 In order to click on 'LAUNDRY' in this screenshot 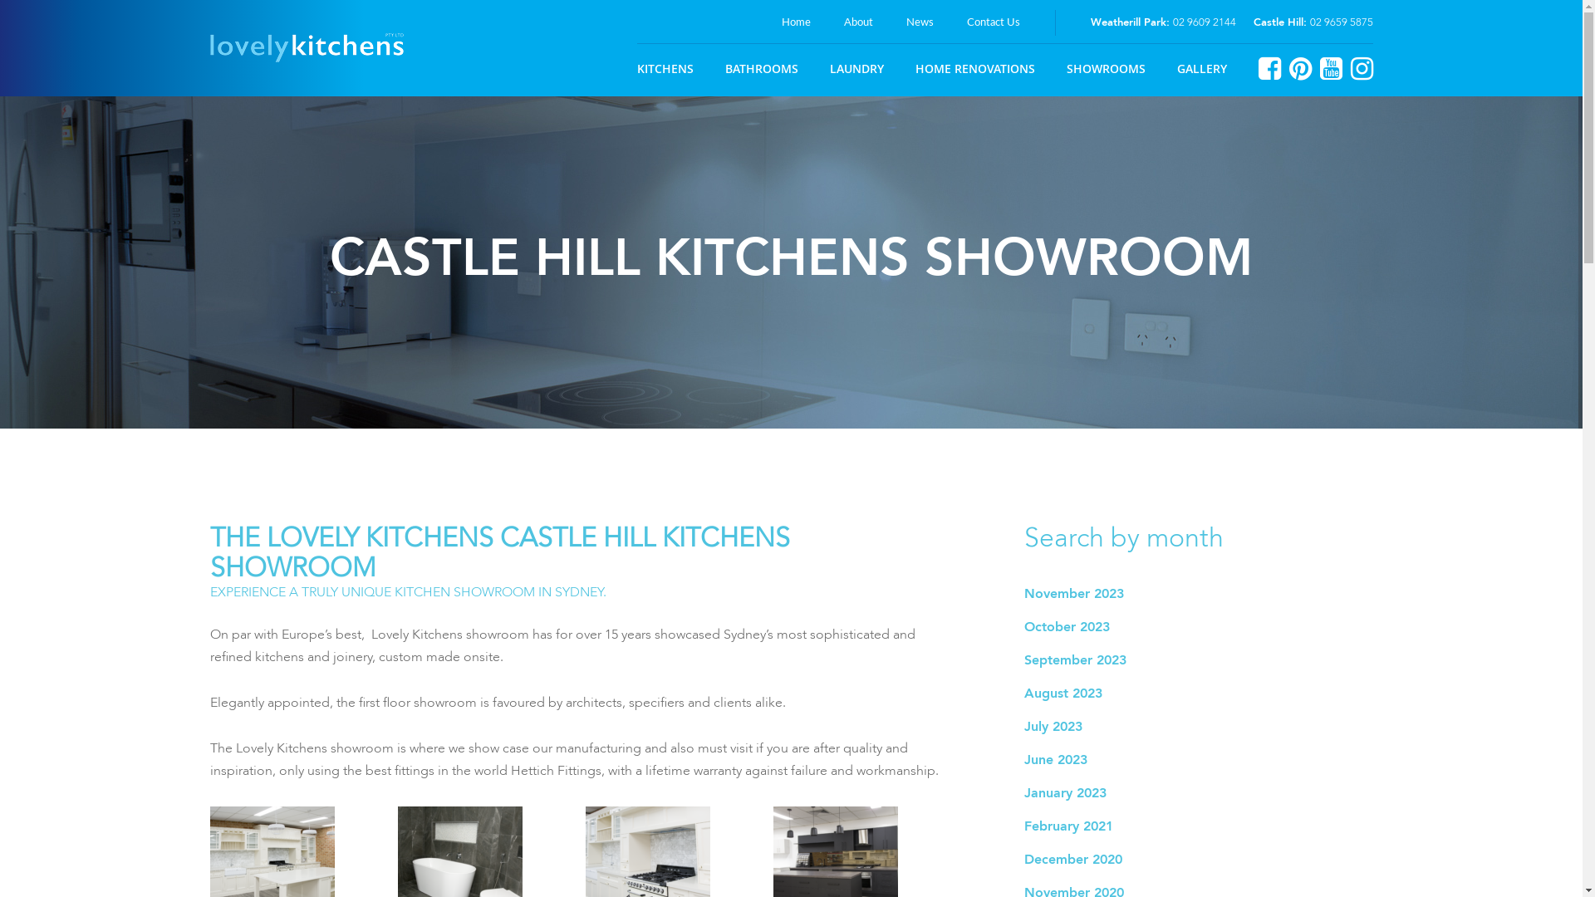, I will do `click(829, 67)`.